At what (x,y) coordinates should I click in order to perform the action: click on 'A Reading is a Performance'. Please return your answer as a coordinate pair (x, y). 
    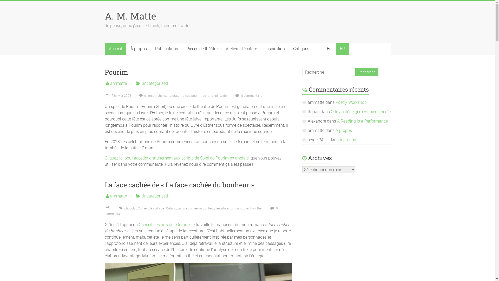
    Looking at the image, I should click on (362, 121).